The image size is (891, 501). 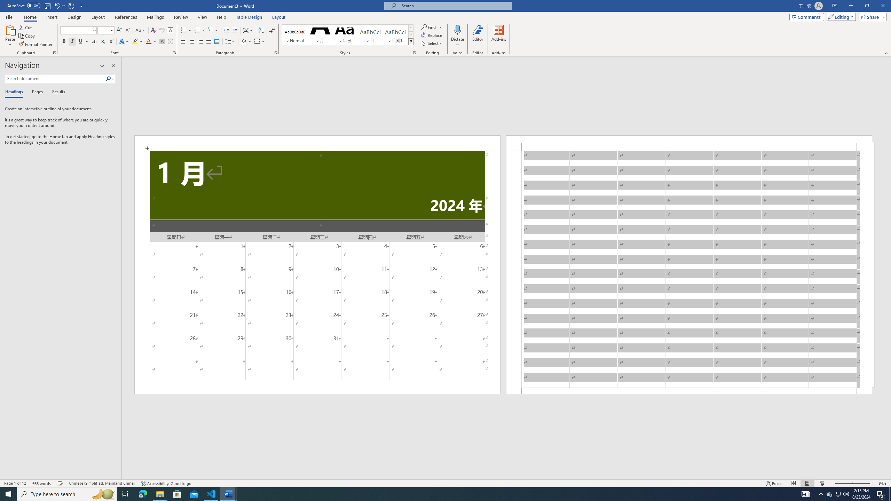 I want to click on 'Asian Layout', so click(x=248, y=30).